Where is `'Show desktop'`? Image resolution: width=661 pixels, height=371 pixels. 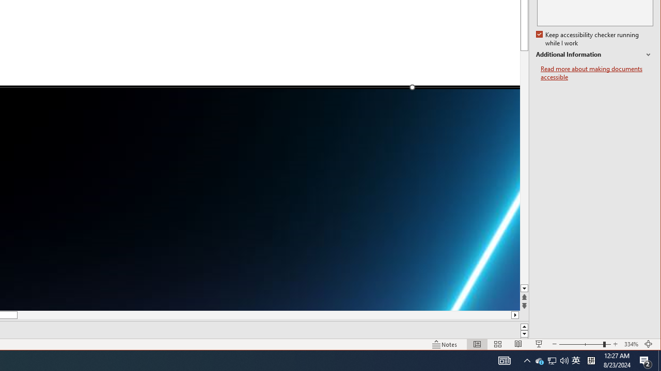
'Show desktop' is located at coordinates (659, 360).